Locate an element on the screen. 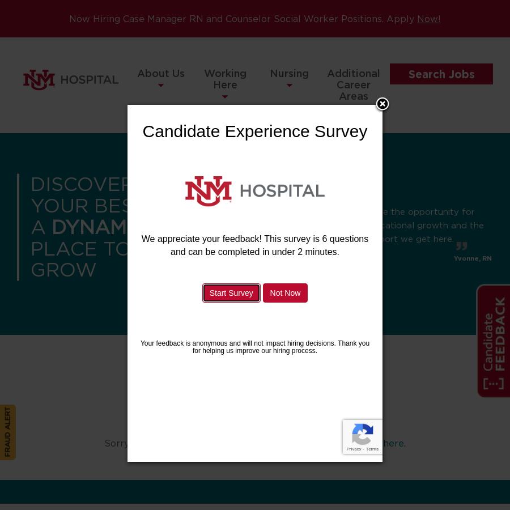 Image resolution: width=510 pixels, height=510 pixels. 'Search Jobs' is located at coordinates (440, 74).